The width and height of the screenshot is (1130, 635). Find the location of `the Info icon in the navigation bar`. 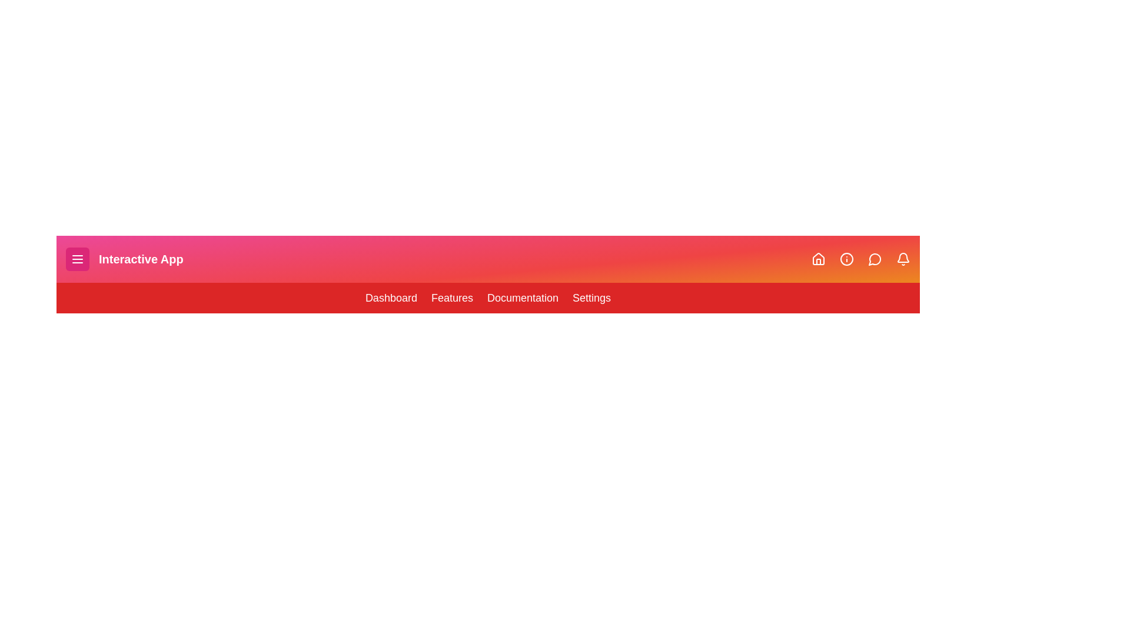

the Info icon in the navigation bar is located at coordinates (846, 258).